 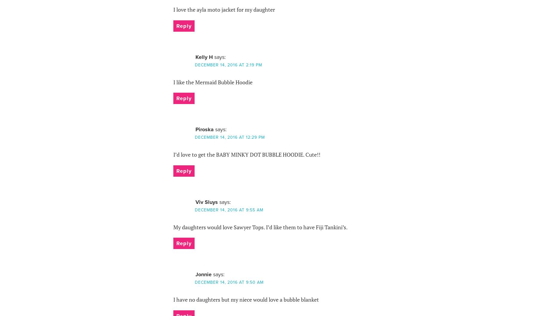 What do you see at coordinates (246, 299) in the screenshot?
I see `'I have no daughters but my niece would love a bubble blanket'` at bounding box center [246, 299].